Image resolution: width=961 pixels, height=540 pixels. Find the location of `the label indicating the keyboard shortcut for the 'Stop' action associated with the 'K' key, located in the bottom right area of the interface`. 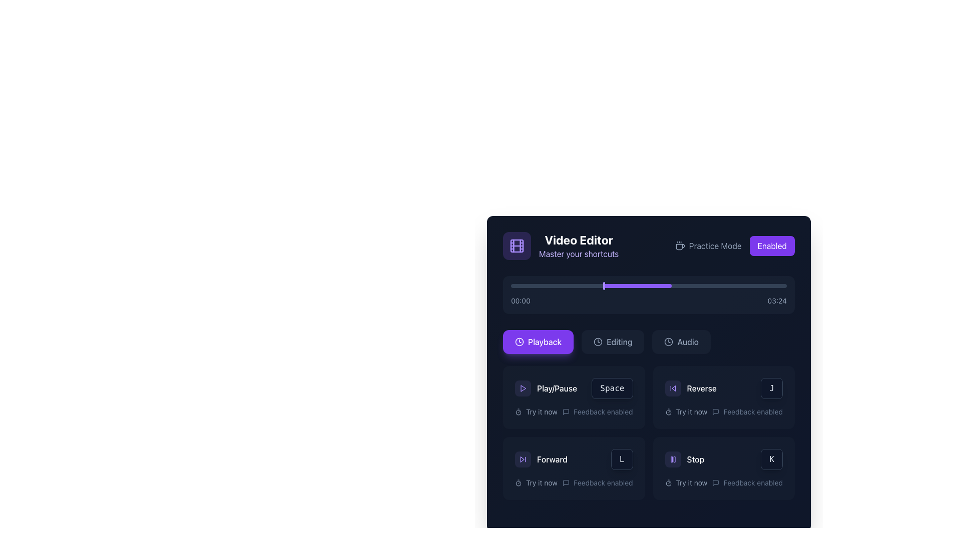

the label indicating the keyboard shortcut for the 'Stop' action associated with the 'K' key, located in the bottom right area of the interface is located at coordinates (771, 459).